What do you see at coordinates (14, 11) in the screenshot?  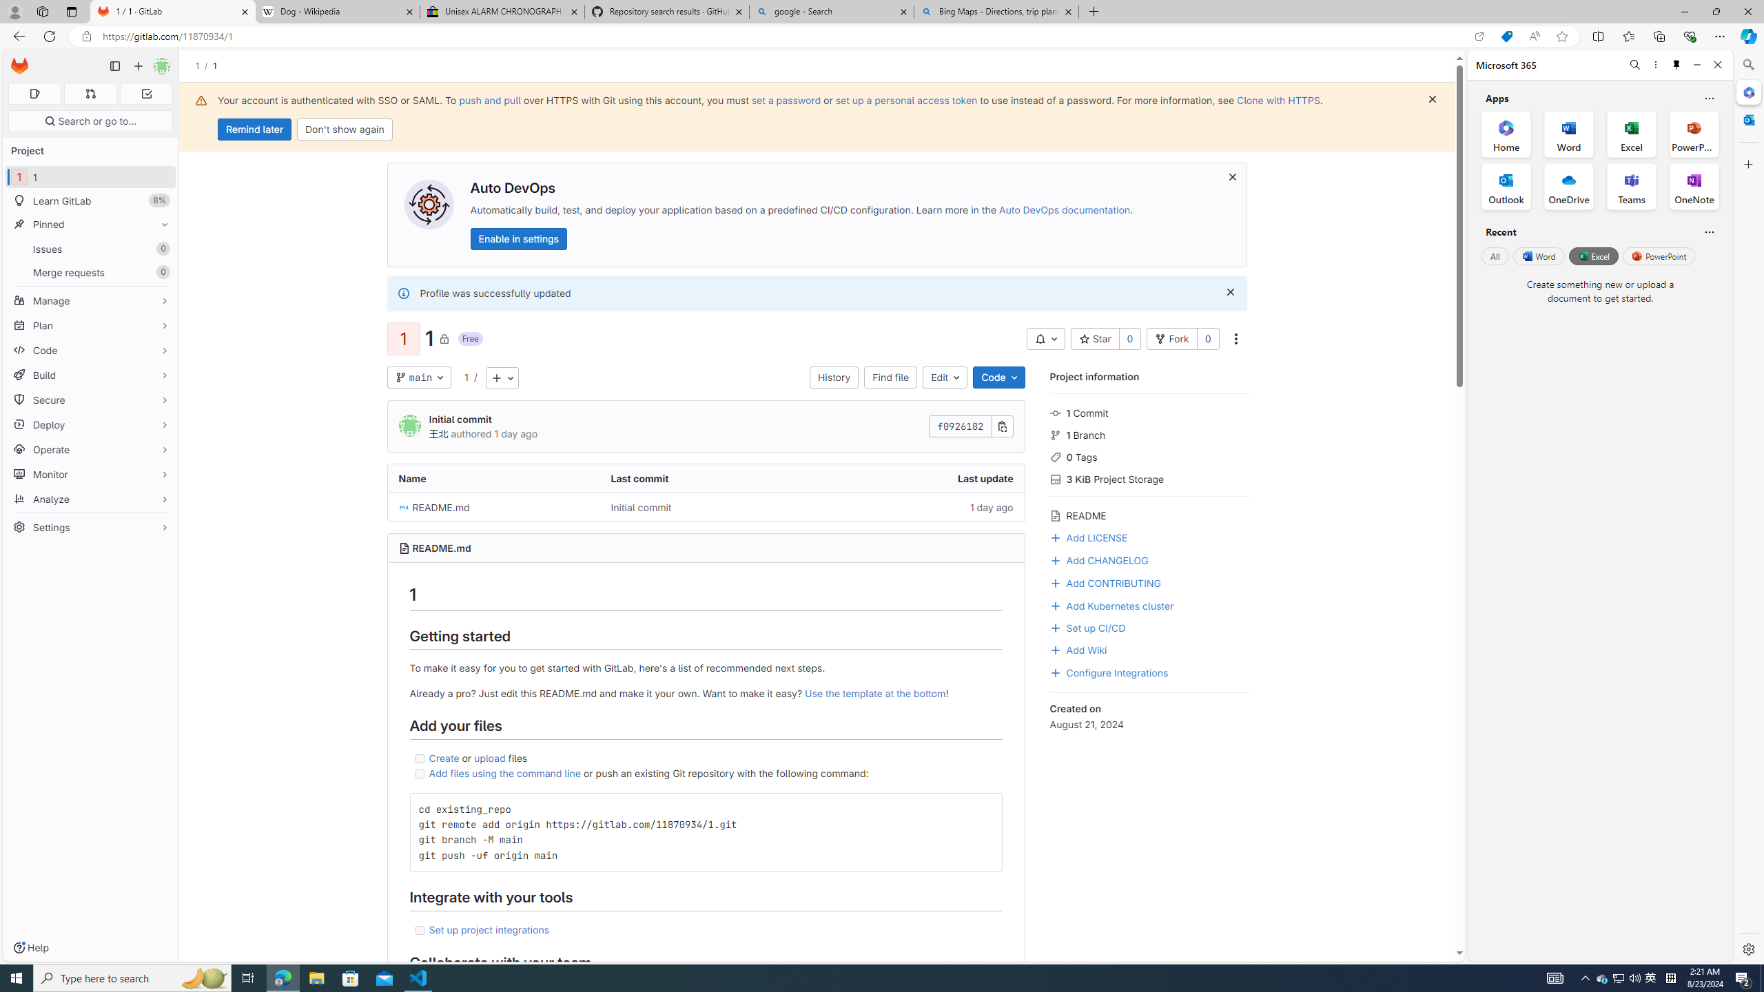 I see `'Personal Profile'` at bounding box center [14, 11].